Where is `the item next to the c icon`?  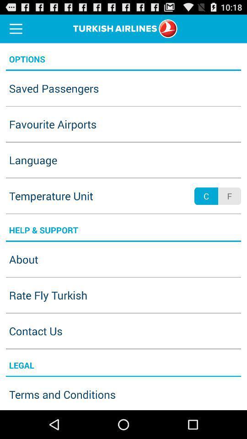
the item next to the c icon is located at coordinates (229, 196).